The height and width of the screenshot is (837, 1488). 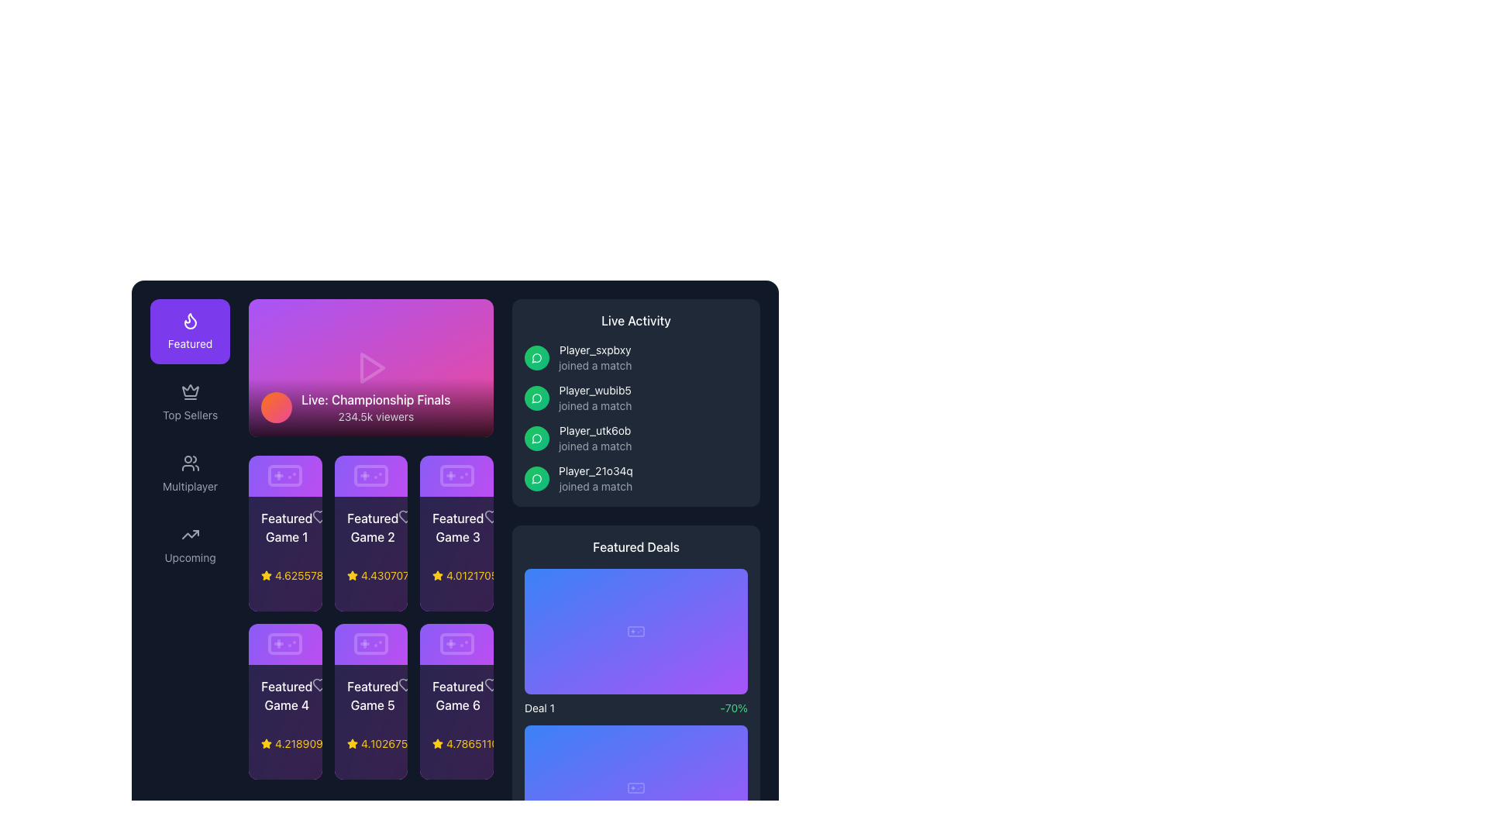 I want to click on game controller icon with a white outline against a semi-transparent gradient purple background, located in the 'Featured Deals' section, so click(x=635, y=788).